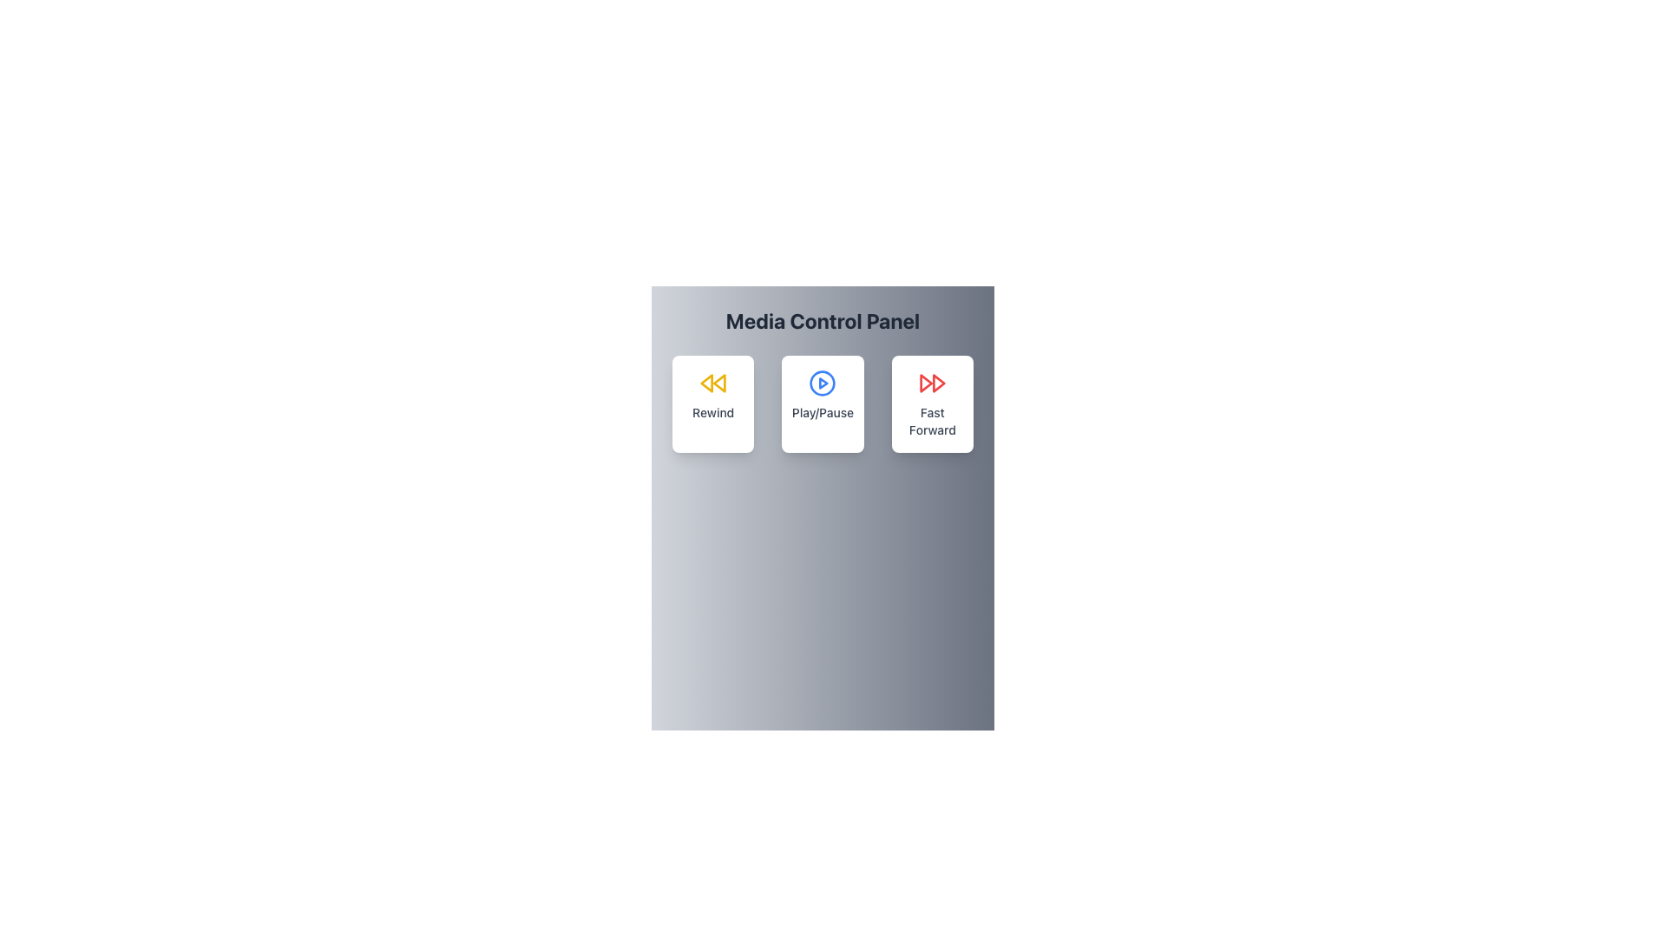 This screenshot has width=1666, height=937. Describe the element at coordinates (713, 404) in the screenshot. I see `the rewind button` at that location.